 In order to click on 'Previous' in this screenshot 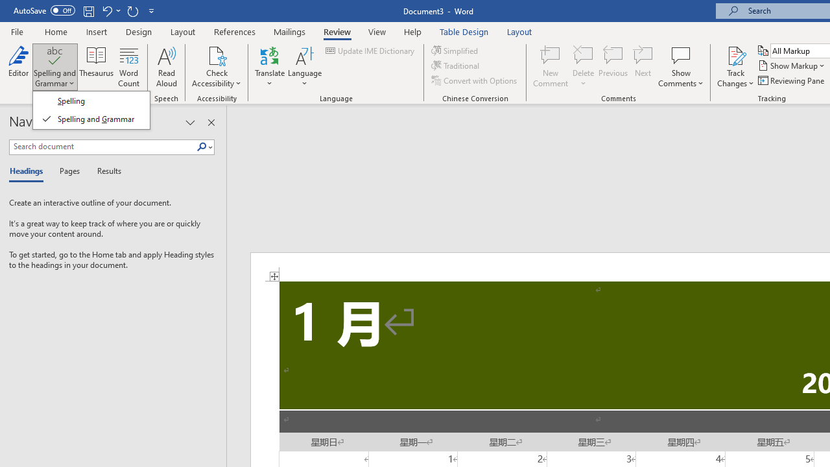, I will do `click(613, 67)`.